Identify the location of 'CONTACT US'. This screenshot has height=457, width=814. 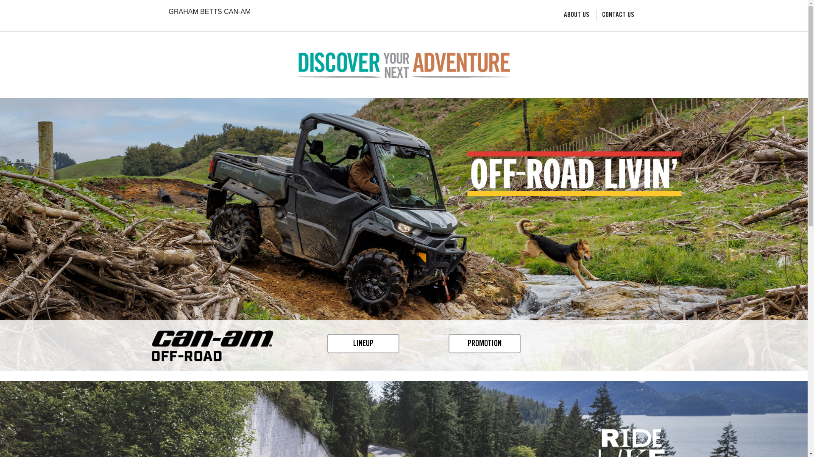
(602, 16).